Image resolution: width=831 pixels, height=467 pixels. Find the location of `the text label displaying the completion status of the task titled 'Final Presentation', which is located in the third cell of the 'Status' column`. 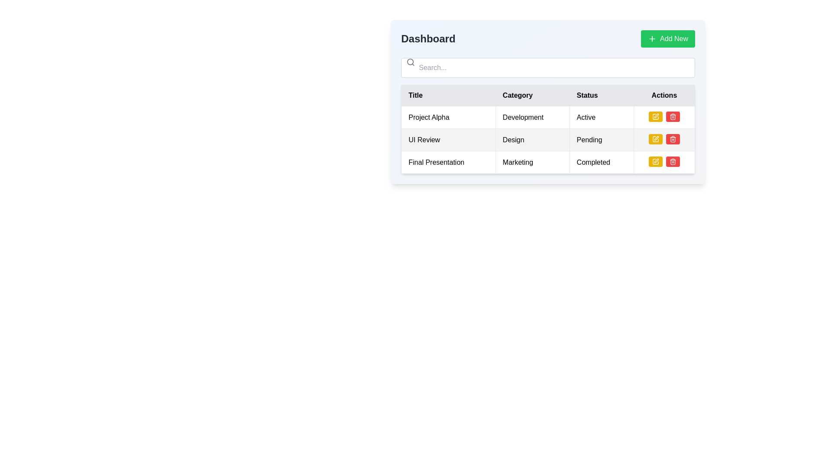

the text label displaying the completion status of the task titled 'Final Presentation', which is located in the third cell of the 'Status' column is located at coordinates (601, 162).